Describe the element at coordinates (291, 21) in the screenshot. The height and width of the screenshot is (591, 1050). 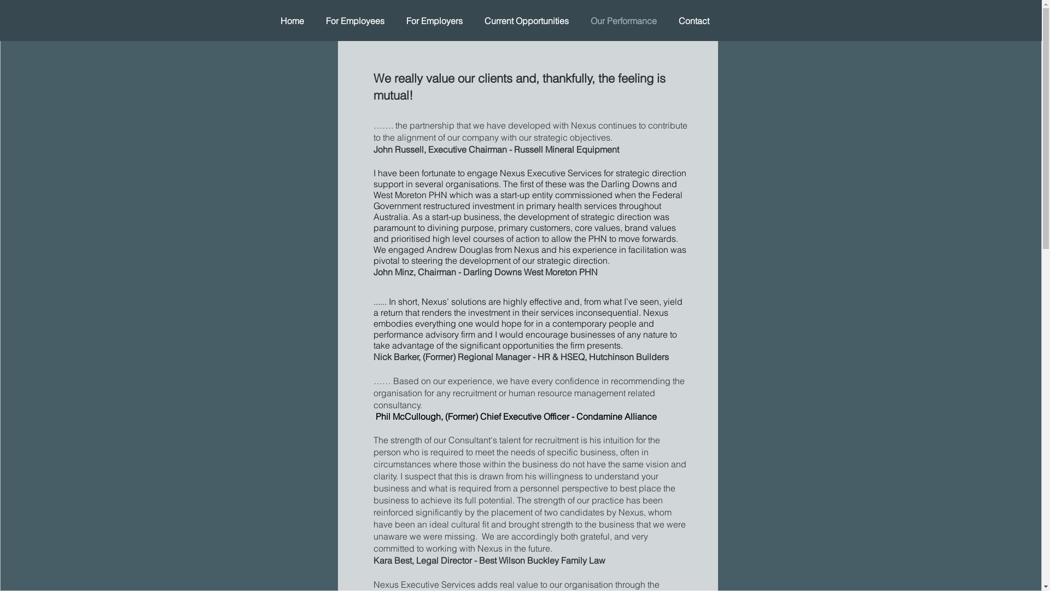
I see `'Home'` at that location.